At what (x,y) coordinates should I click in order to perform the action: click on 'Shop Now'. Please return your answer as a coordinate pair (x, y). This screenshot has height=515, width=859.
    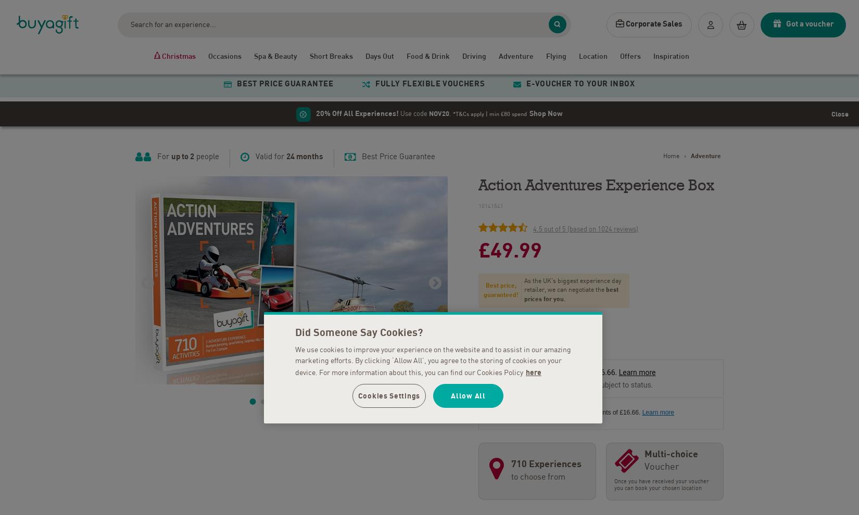
    Looking at the image, I should click on (529, 110).